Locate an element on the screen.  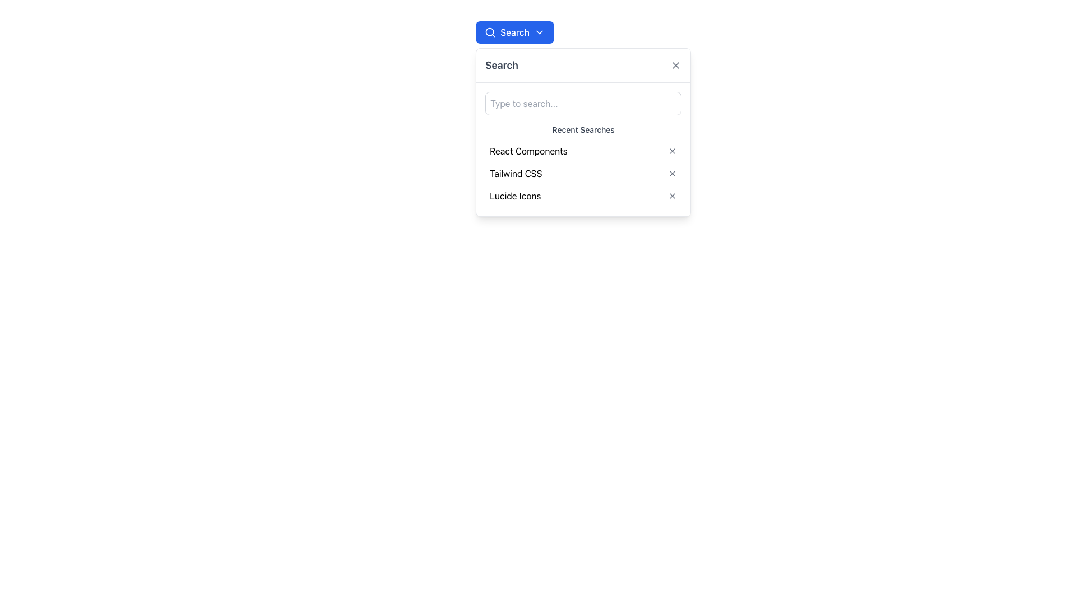
the Chevron Down icon located within the 'Search' button is located at coordinates (539, 31).